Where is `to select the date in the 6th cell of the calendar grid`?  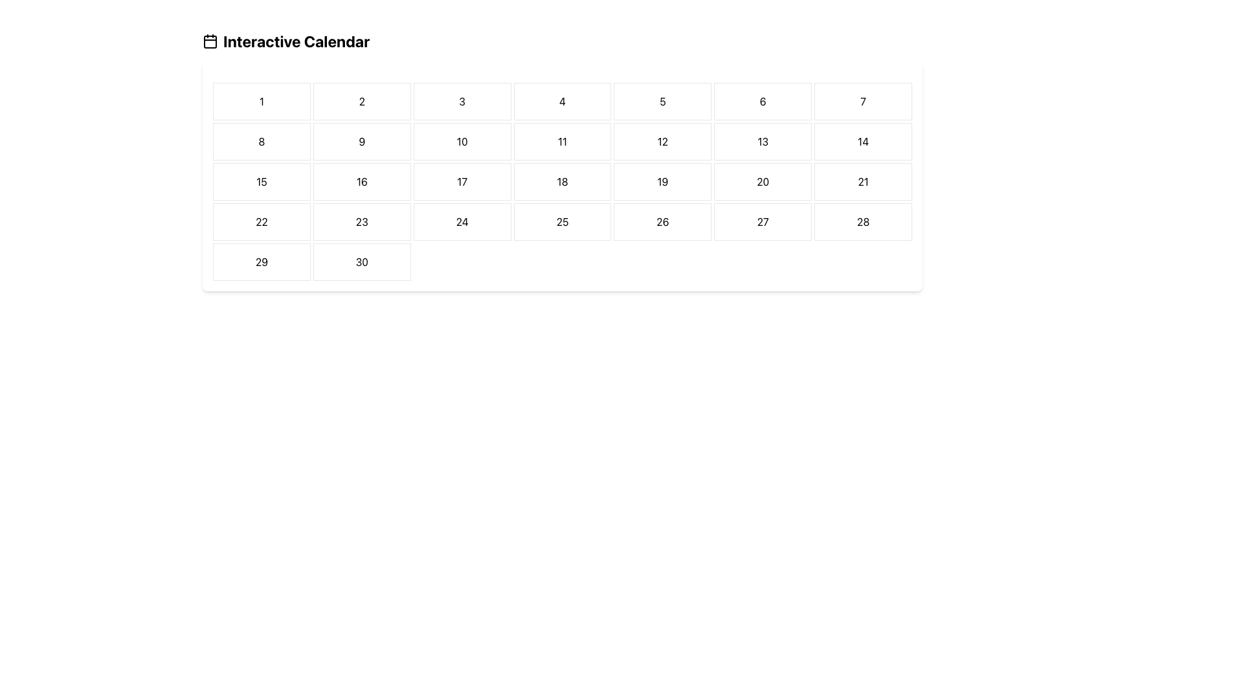 to select the date in the 6th cell of the calendar grid is located at coordinates (762, 101).